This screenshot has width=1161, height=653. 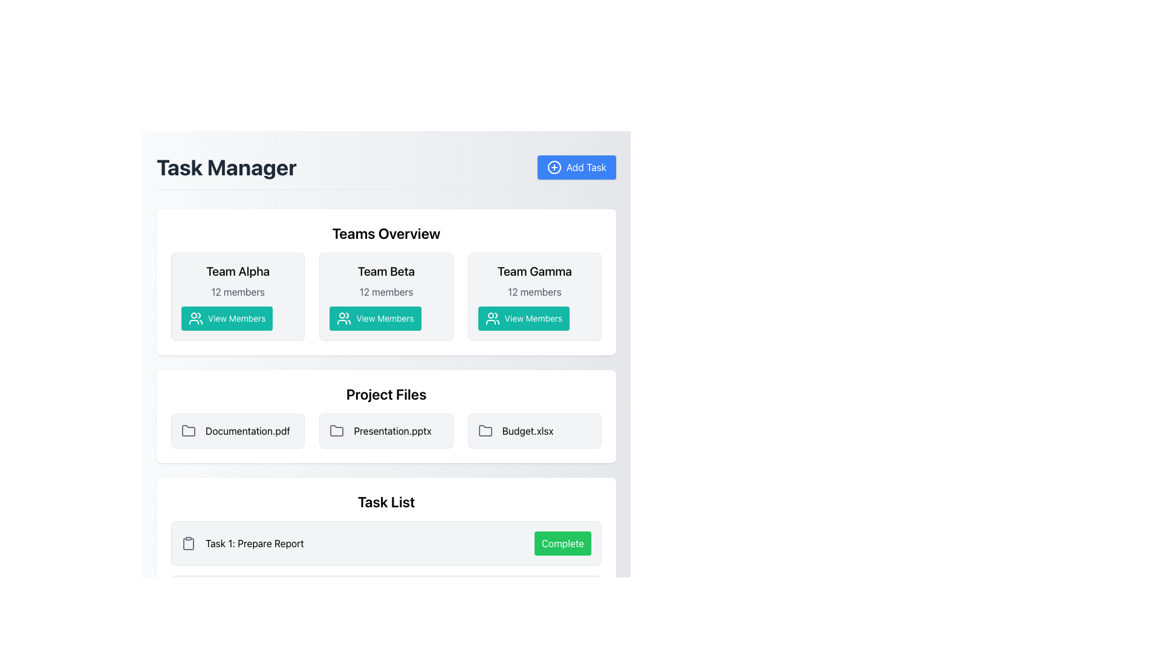 I want to click on the Text Label for the team, so click(x=533, y=270).